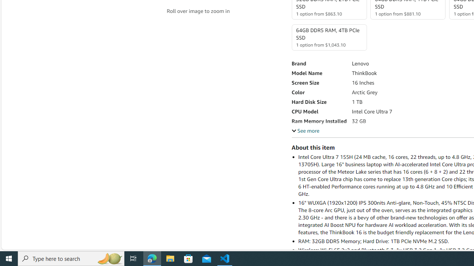  Describe the element at coordinates (328, 37) in the screenshot. I see `'64GB DDR5 RAM, 4TB PCIe SSD 1 option from $1,043.10'` at that location.